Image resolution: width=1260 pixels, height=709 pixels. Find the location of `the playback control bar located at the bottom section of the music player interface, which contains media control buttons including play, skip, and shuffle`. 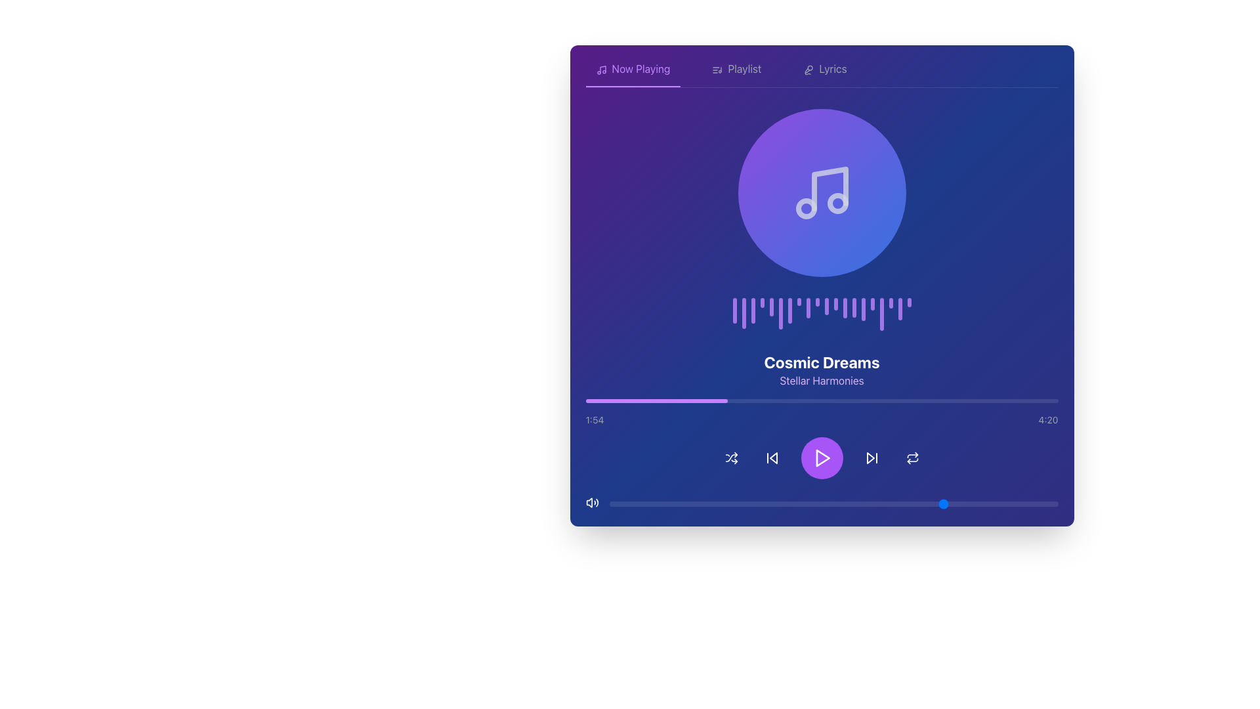

the playback control bar located at the bottom section of the music player interface, which contains media control buttons including play, skip, and shuffle is located at coordinates (821, 458).